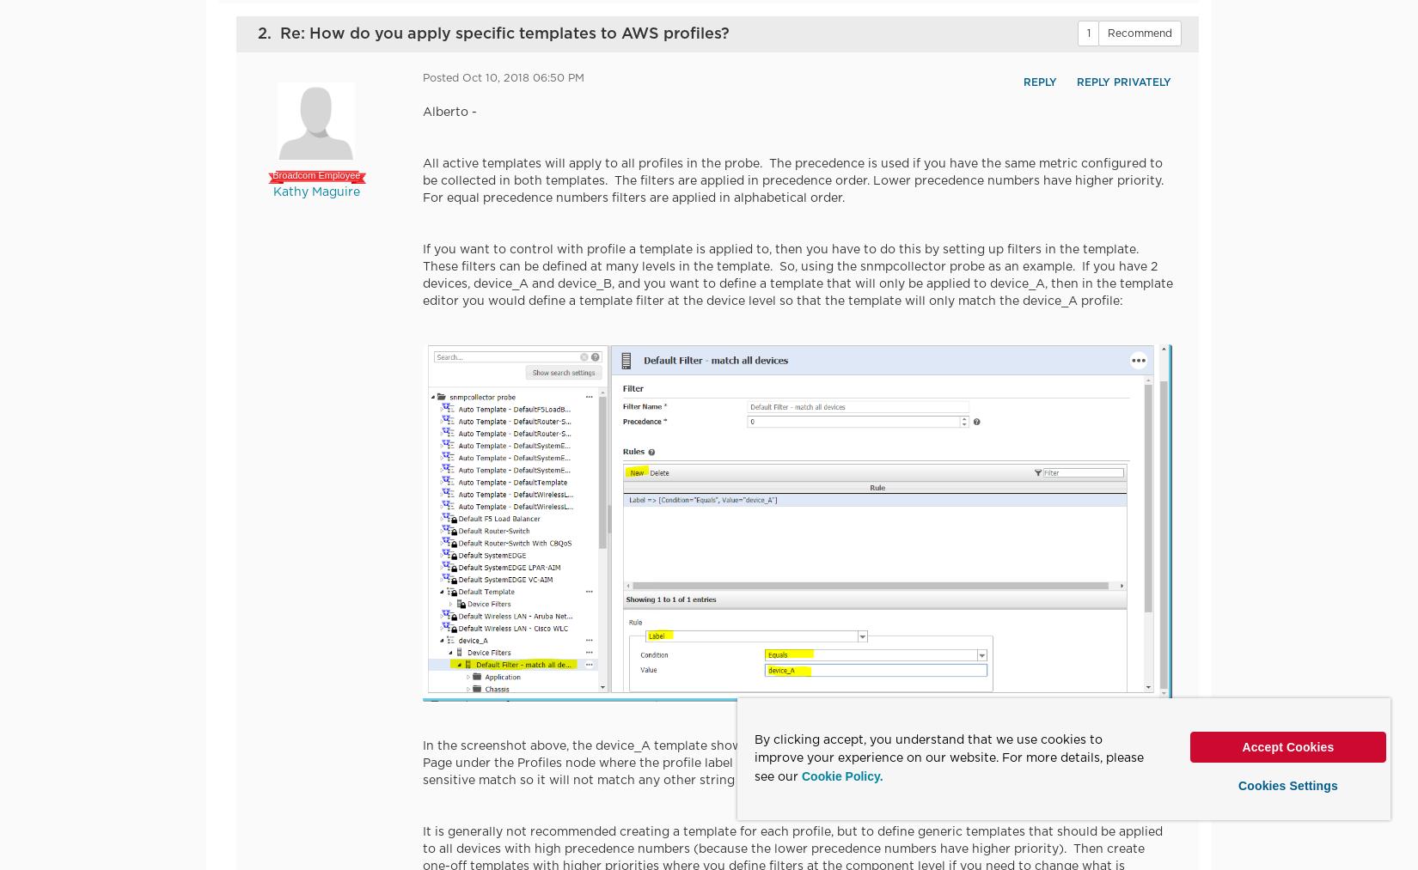 The height and width of the screenshot is (870, 1418). What do you see at coordinates (501, 77) in the screenshot?
I see `'Posted Oct 10, 2018 06:50 PM'` at bounding box center [501, 77].